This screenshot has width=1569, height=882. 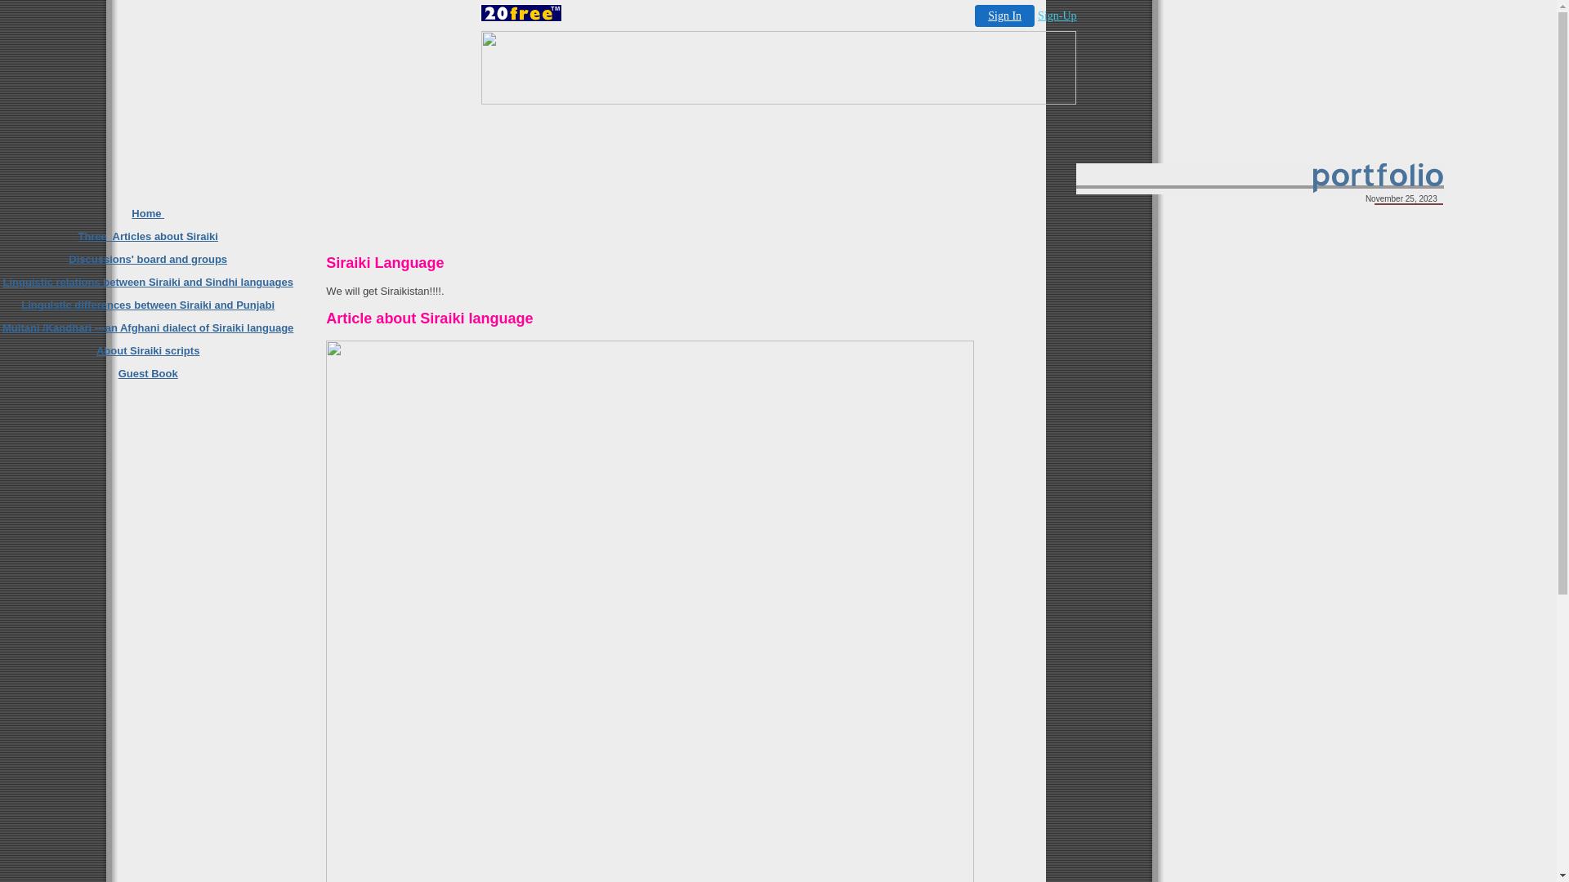 What do you see at coordinates (148, 327) in the screenshot?
I see `'Multani /Kandhari ---an Afghani dialect of Siraiki language'` at bounding box center [148, 327].